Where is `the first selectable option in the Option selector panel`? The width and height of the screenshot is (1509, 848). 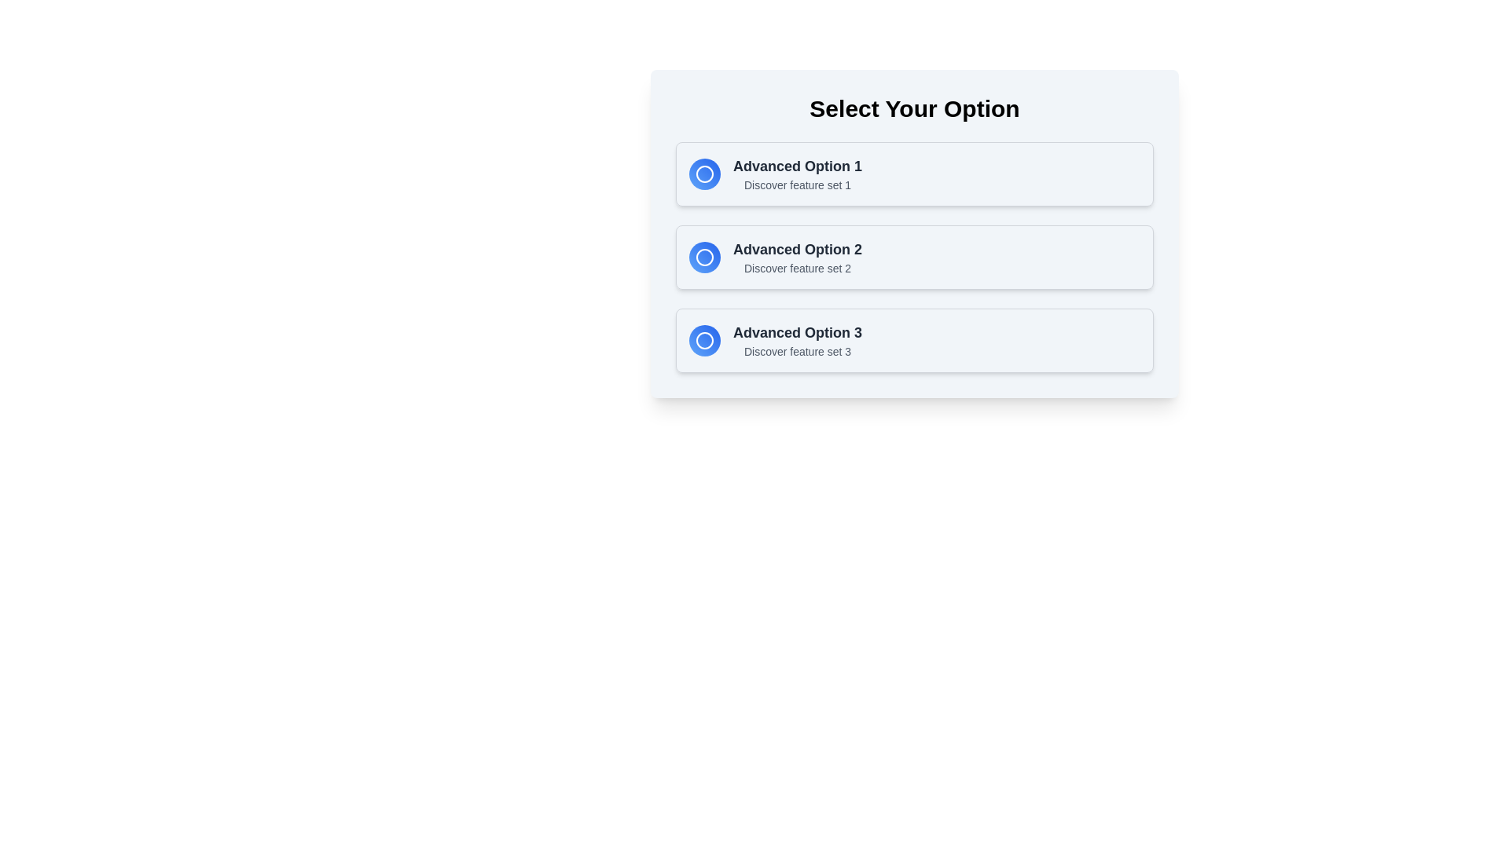 the first selectable option in the Option selector panel is located at coordinates (914, 174).